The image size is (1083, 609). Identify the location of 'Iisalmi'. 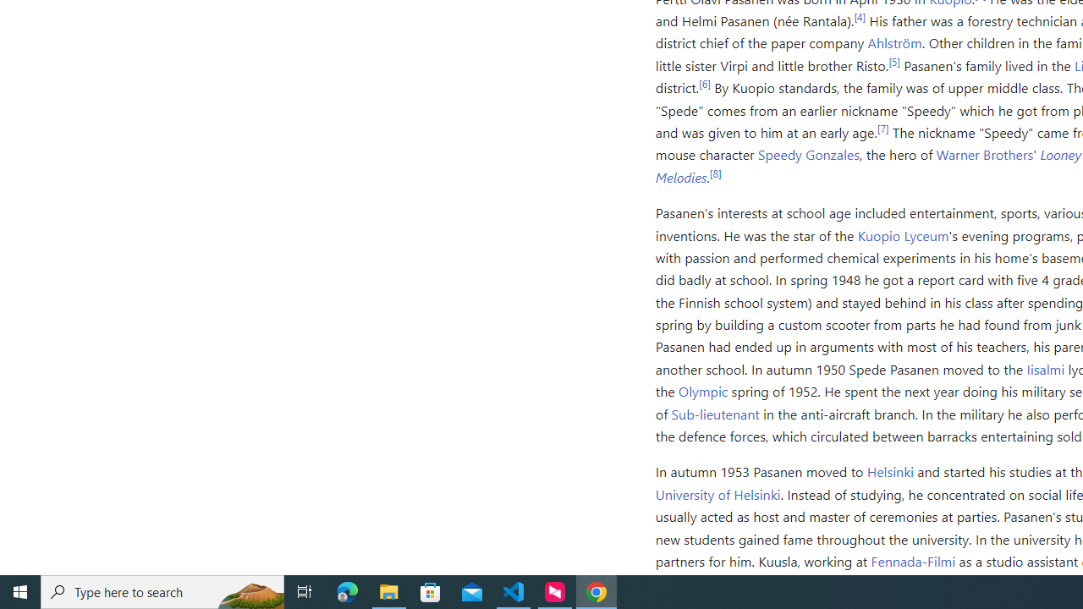
(1045, 367).